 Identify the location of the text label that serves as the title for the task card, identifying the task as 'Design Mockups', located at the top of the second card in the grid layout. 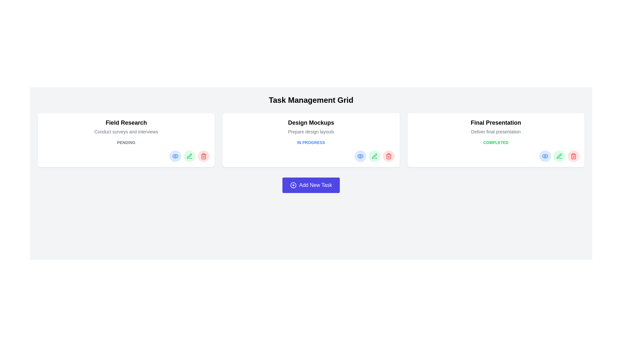
(311, 123).